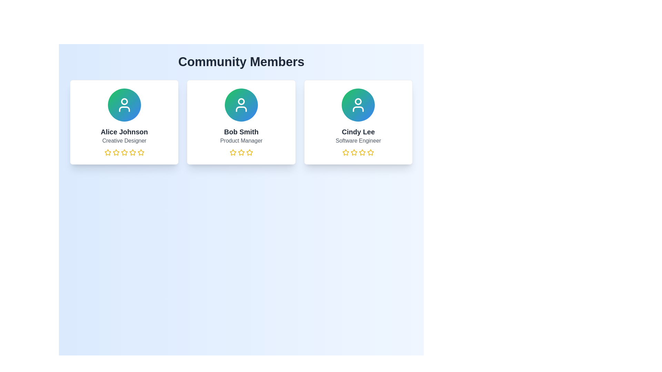 Image resolution: width=662 pixels, height=372 pixels. What do you see at coordinates (116, 152) in the screenshot?
I see `the third rating star icon, which is a yellow outlined star beneath 'Alice Johnson' and 'Creative Designer'` at bounding box center [116, 152].